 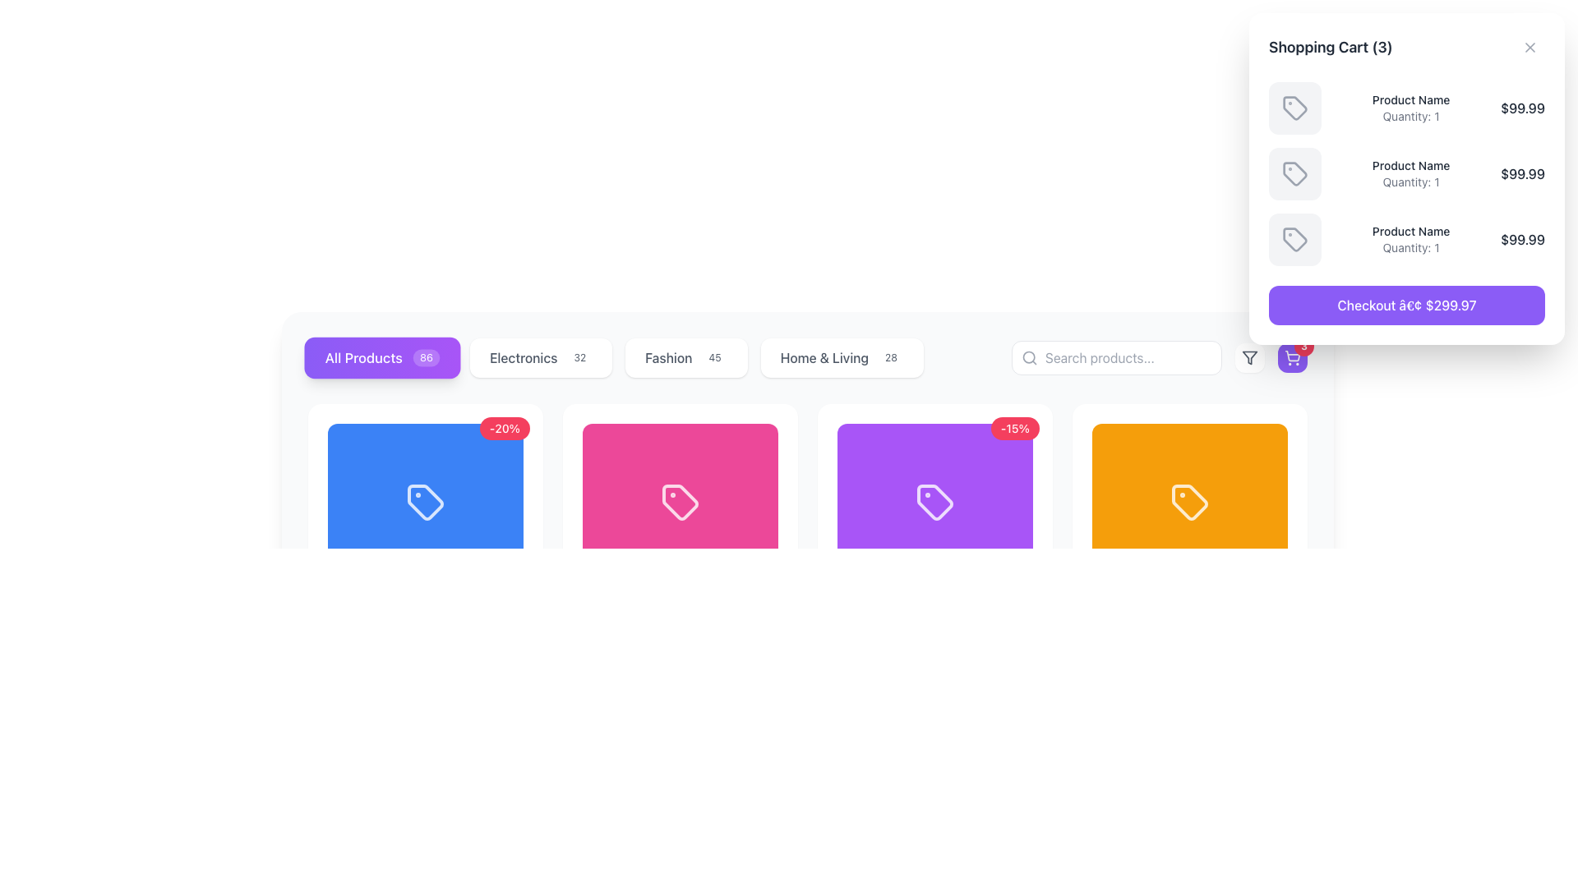 What do you see at coordinates (362, 356) in the screenshot?
I see `the static text label that serves as the label for the 'All Products86' button in the top-left area of the navigation bar` at bounding box center [362, 356].